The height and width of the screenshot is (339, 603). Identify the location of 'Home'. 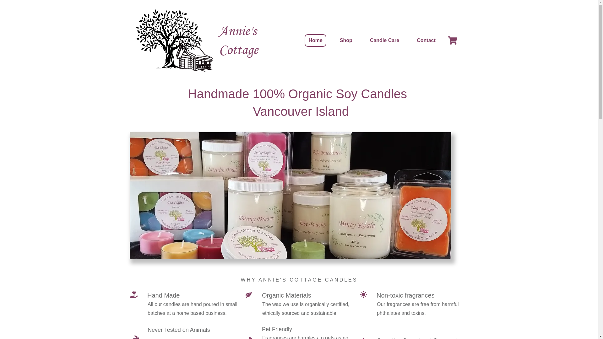
(308, 40).